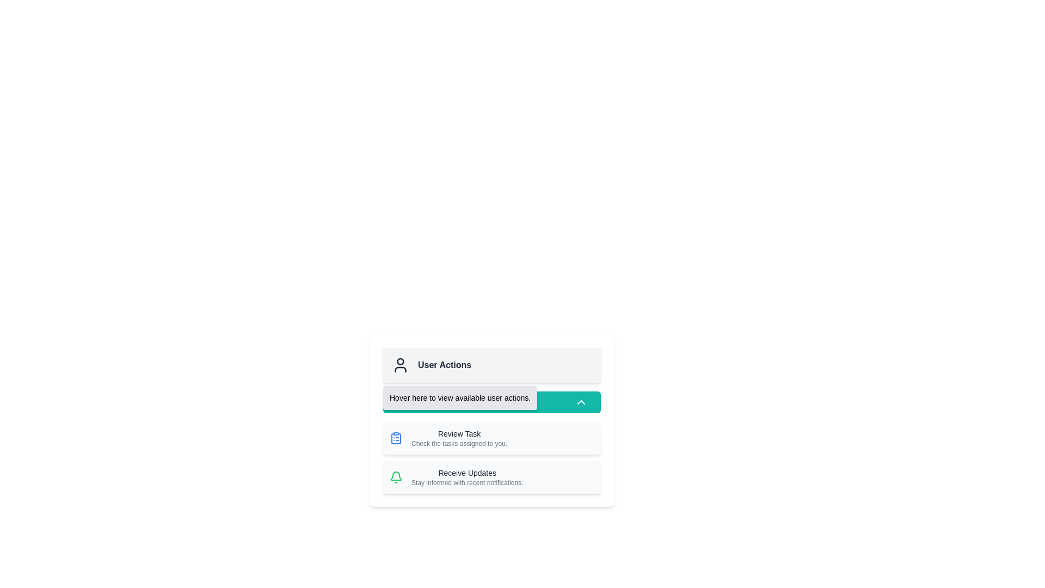  I want to click on the 'User Actions' static text label styled in bold, dark-gray font located in the upper section of the card interface, so click(444, 365).